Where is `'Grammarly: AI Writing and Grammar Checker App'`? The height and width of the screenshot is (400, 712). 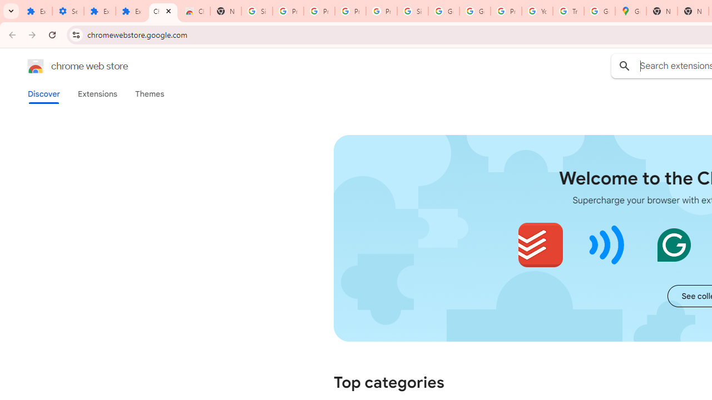
'Grammarly: AI Writing and Grammar Checker App' is located at coordinates (673, 244).